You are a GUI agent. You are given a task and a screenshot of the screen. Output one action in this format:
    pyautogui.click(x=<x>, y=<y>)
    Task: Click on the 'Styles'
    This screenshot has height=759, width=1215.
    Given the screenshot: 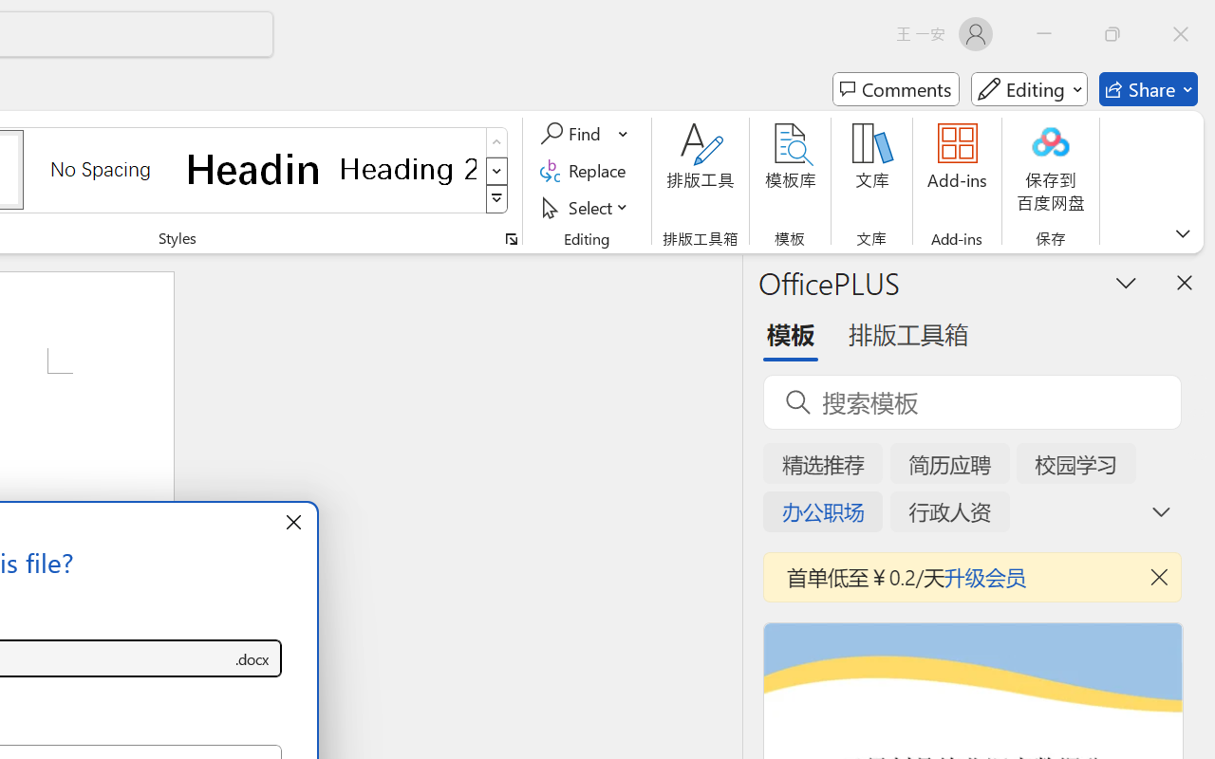 What is the action you would take?
    pyautogui.click(x=496, y=199)
    